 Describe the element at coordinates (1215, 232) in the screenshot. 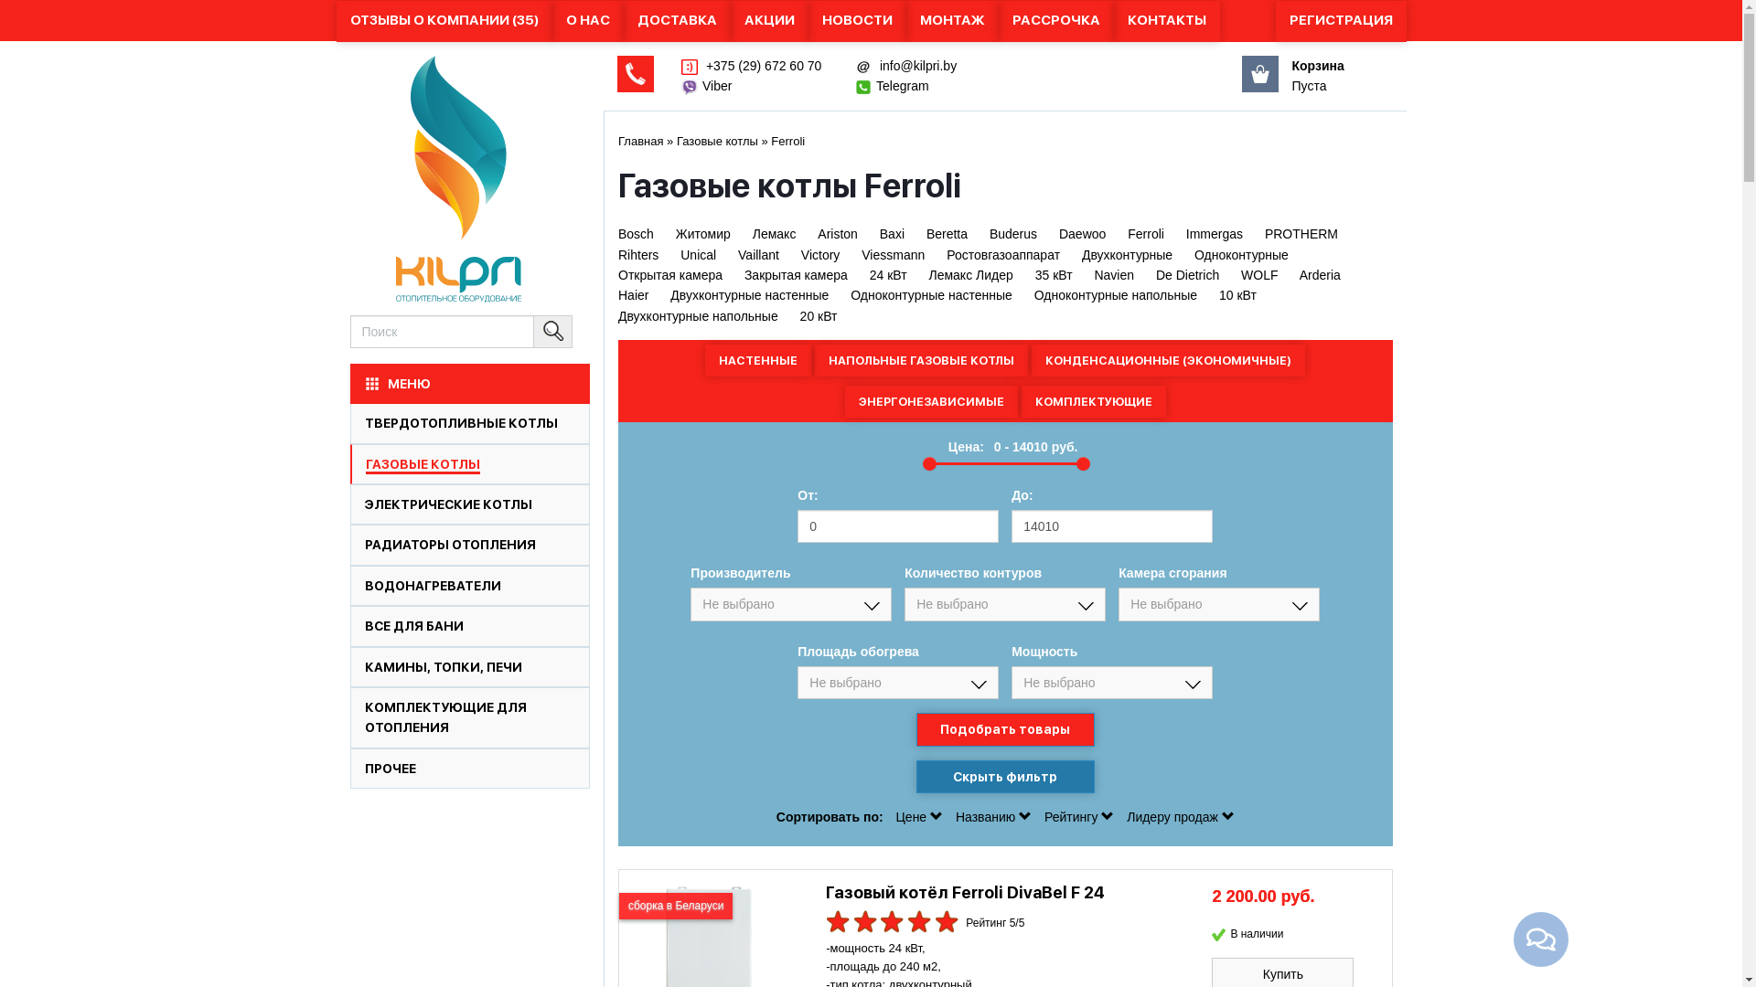

I see `'Immergas'` at that location.